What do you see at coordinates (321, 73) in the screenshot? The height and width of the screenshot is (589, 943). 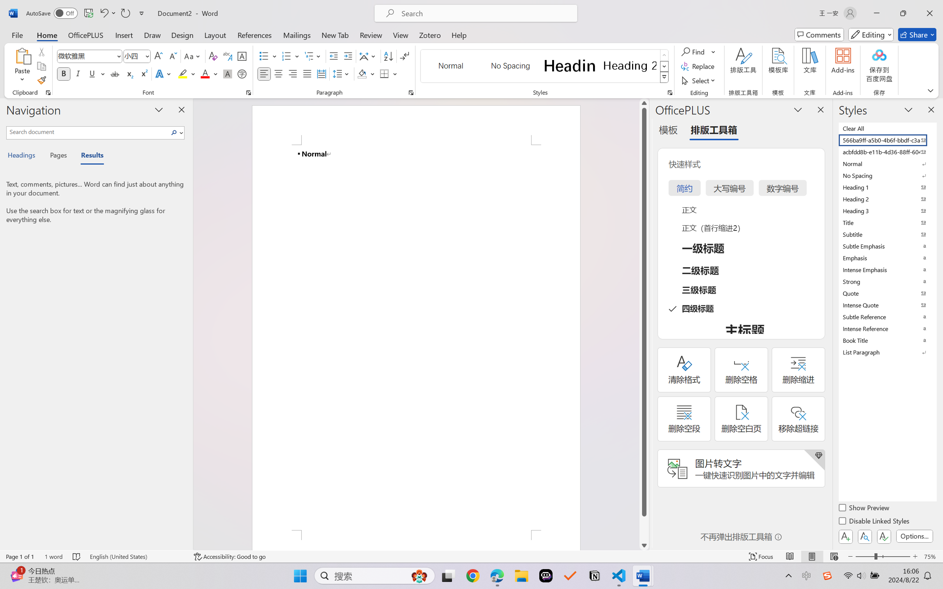 I see `'Distributed'` at bounding box center [321, 73].